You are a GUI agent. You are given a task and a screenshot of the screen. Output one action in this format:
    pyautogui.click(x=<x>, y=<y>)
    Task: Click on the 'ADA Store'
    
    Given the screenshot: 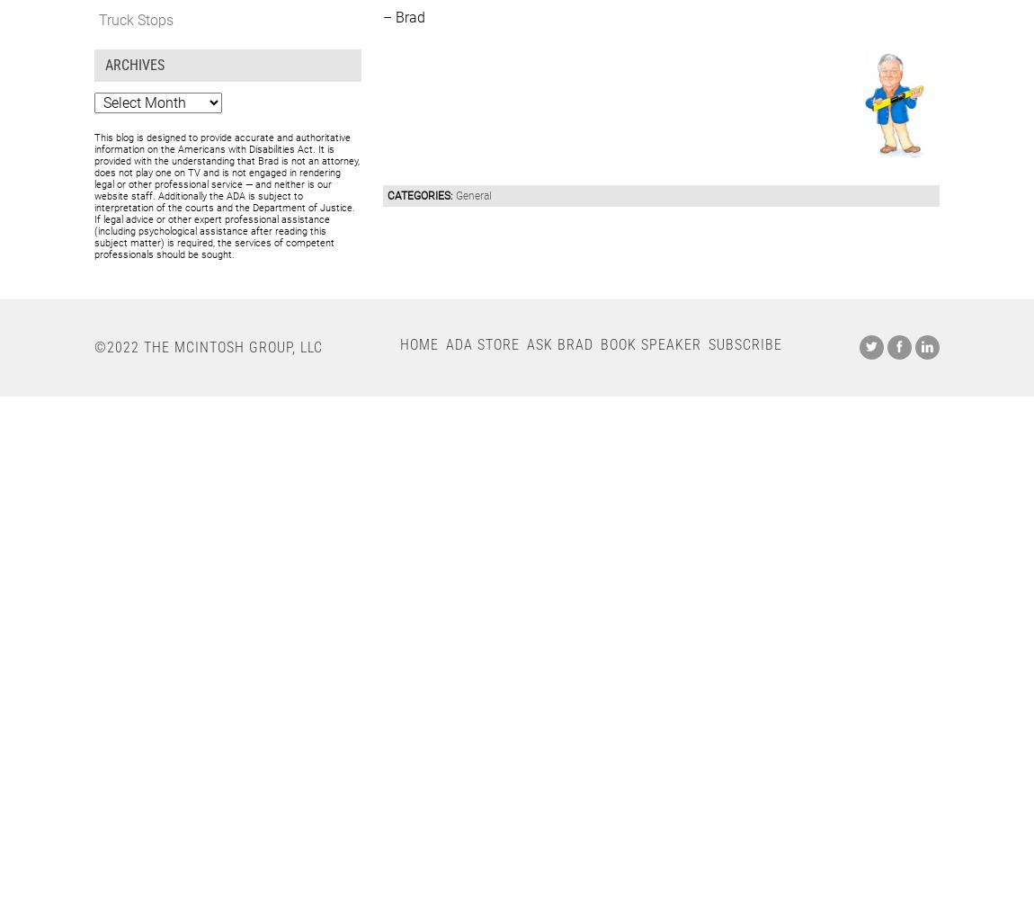 What is the action you would take?
    pyautogui.click(x=445, y=343)
    